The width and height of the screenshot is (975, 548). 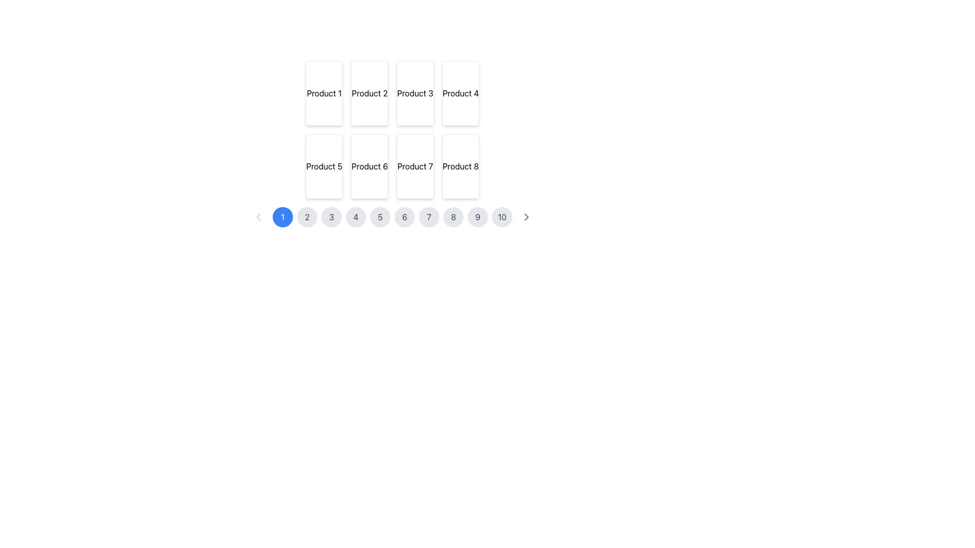 I want to click on the circular button with gray background and text '9' to switch to the corresponding page in the pagination control, so click(x=477, y=217).